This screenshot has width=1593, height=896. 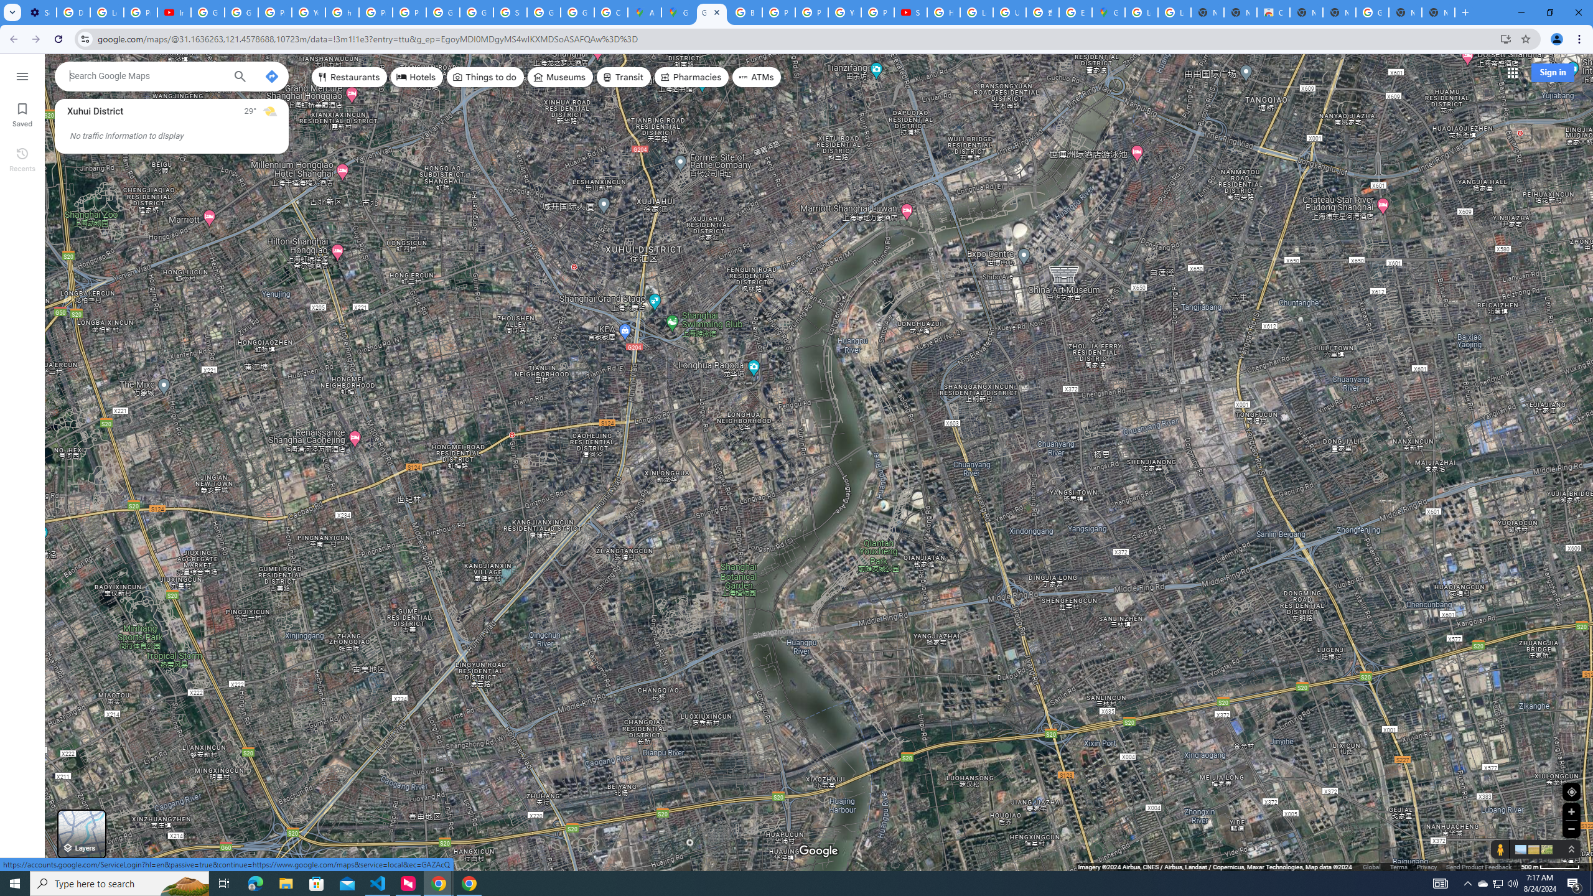 What do you see at coordinates (106, 12) in the screenshot?
I see `'Learn how to find your photos - Google Photos Help'` at bounding box center [106, 12].